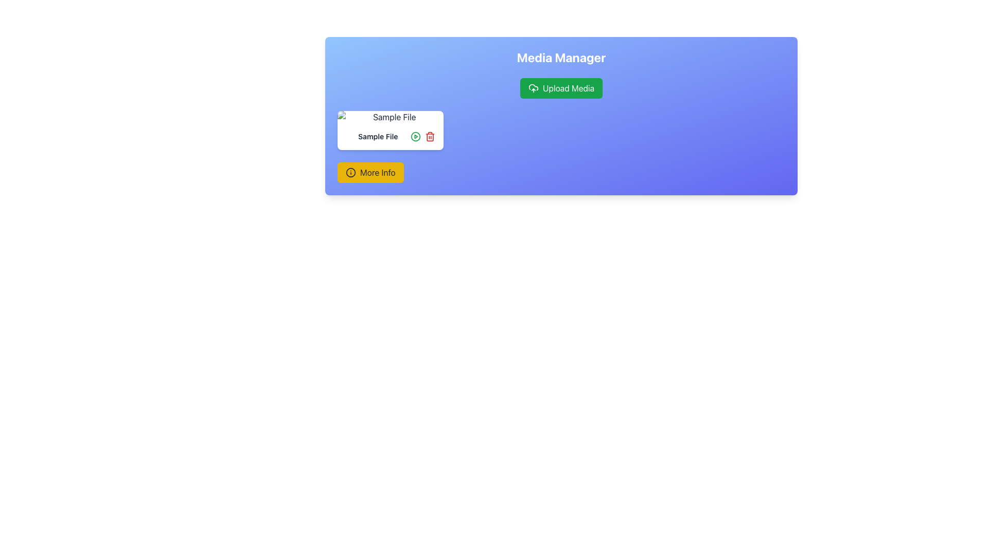 This screenshot has height=555, width=988. Describe the element at coordinates (533, 88) in the screenshot. I see `the cloud upload icon located to the left of the green 'Upload Media' button, which features a simple line design and an upward-pointing arrow` at that location.